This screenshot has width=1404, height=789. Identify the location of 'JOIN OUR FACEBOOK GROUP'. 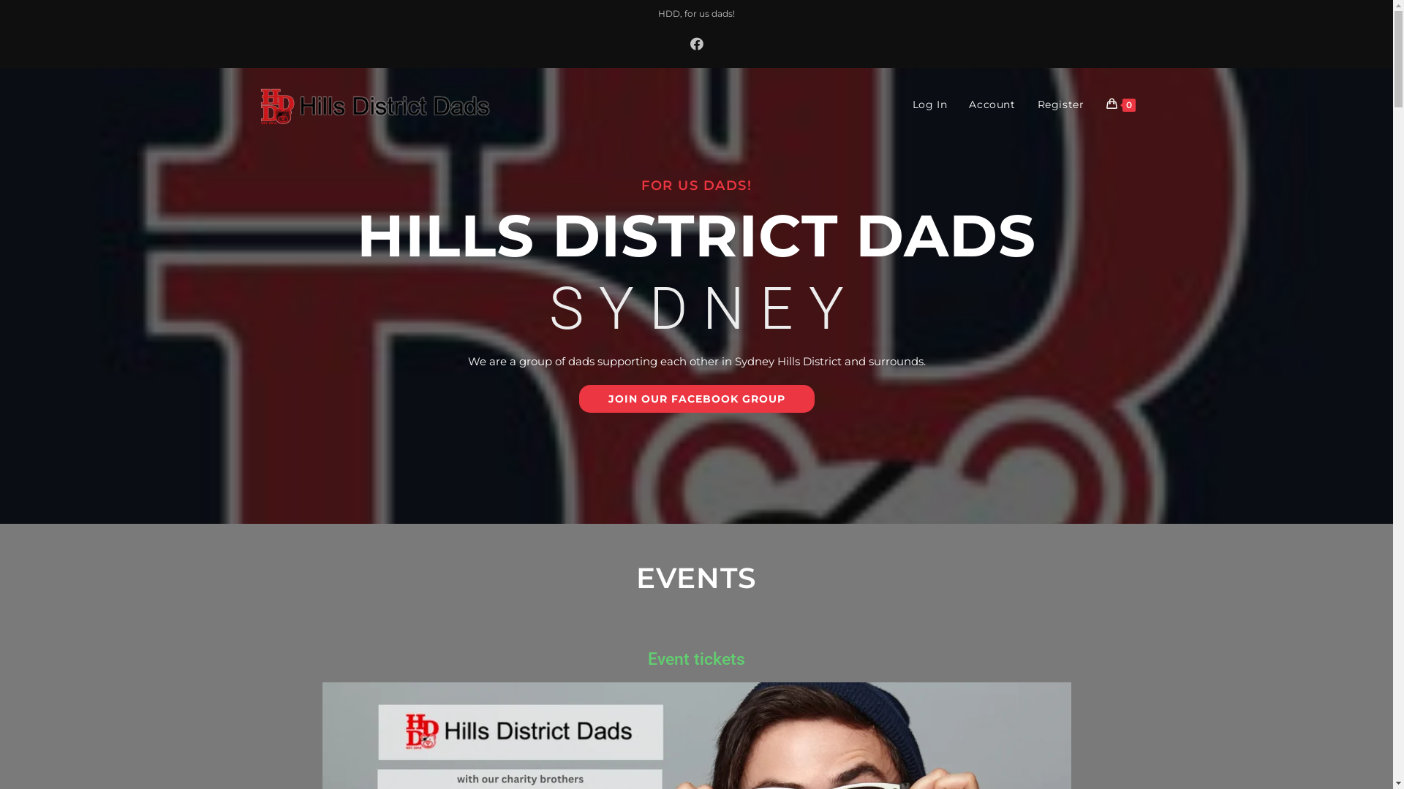
(578, 399).